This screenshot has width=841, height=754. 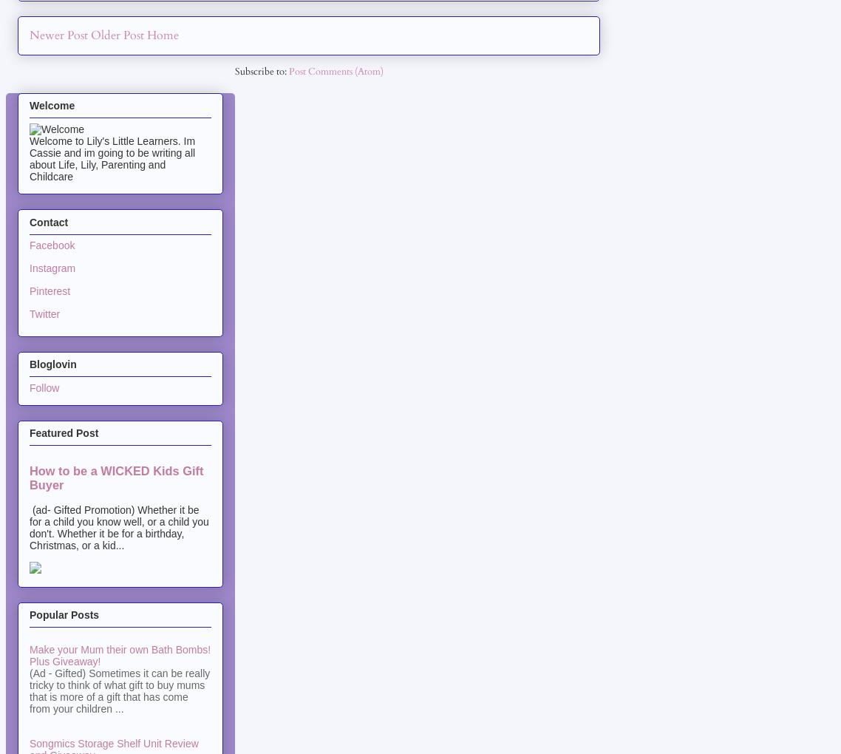 What do you see at coordinates (120, 654) in the screenshot?
I see `'Make your Mum their own Bath Bombs! Plus Giveaway!'` at bounding box center [120, 654].